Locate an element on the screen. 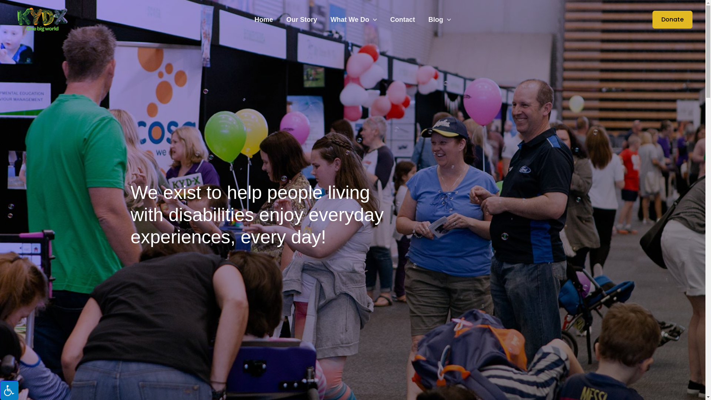 The height and width of the screenshot is (400, 711). 'Donate' is located at coordinates (643, 19).